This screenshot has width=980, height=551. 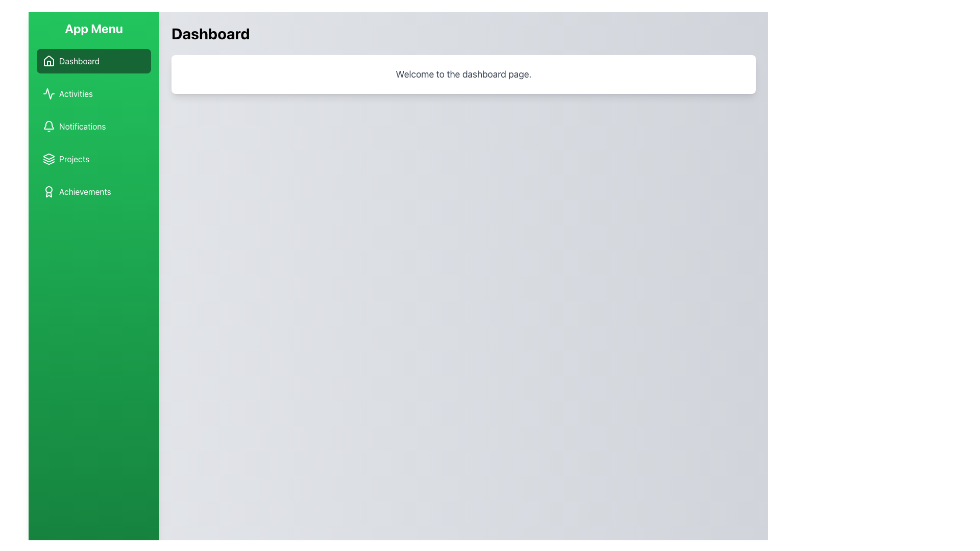 I want to click on the 'Activities' icon in the navigation panel, so click(x=48, y=94).